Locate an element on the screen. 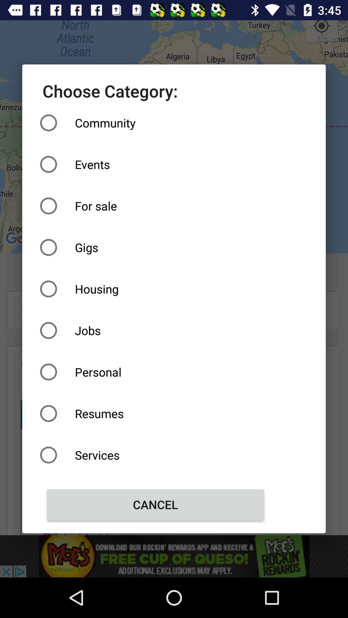 The width and height of the screenshot is (348, 618). the item below events is located at coordinates (155, 205).